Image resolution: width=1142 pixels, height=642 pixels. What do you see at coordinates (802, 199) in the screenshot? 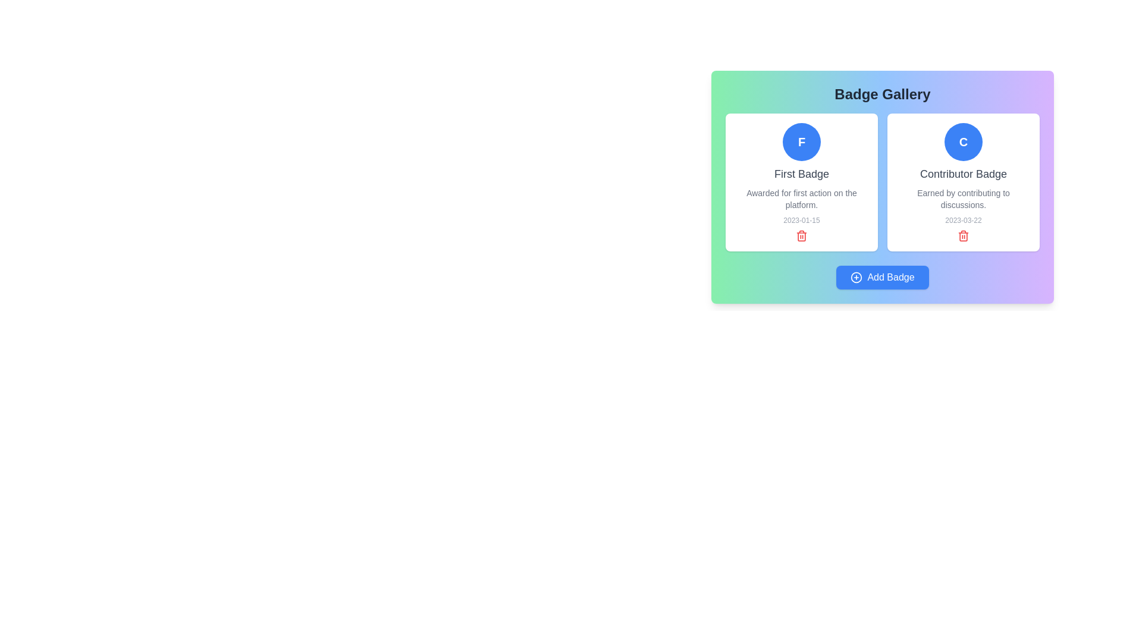
I see `the static text block that reads 'Awarded for first action on the platform.' located in the bottom half of the white card in the 'Badge Gallery' section` at bounding box center [802, 199].